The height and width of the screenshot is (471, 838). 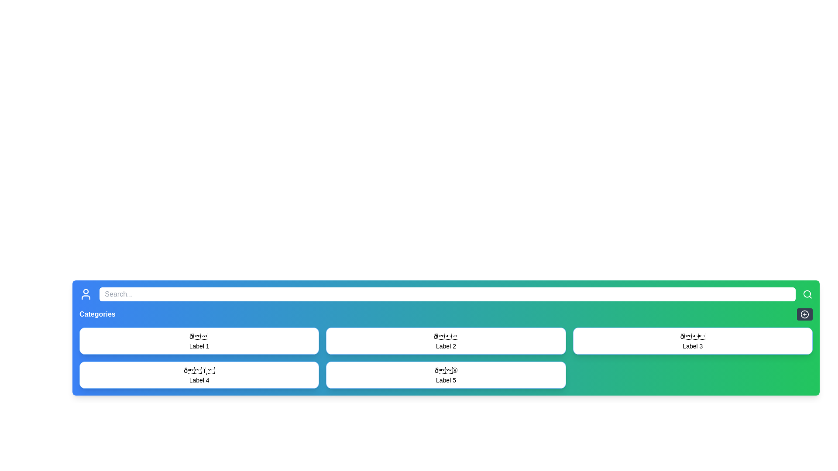 I want to click on the search icon, which is a circular magnifying glass with a white stroke on a green background, located on the top right of the horizontal bar next to the 'Search...' input field, so click(x=807, y=294).